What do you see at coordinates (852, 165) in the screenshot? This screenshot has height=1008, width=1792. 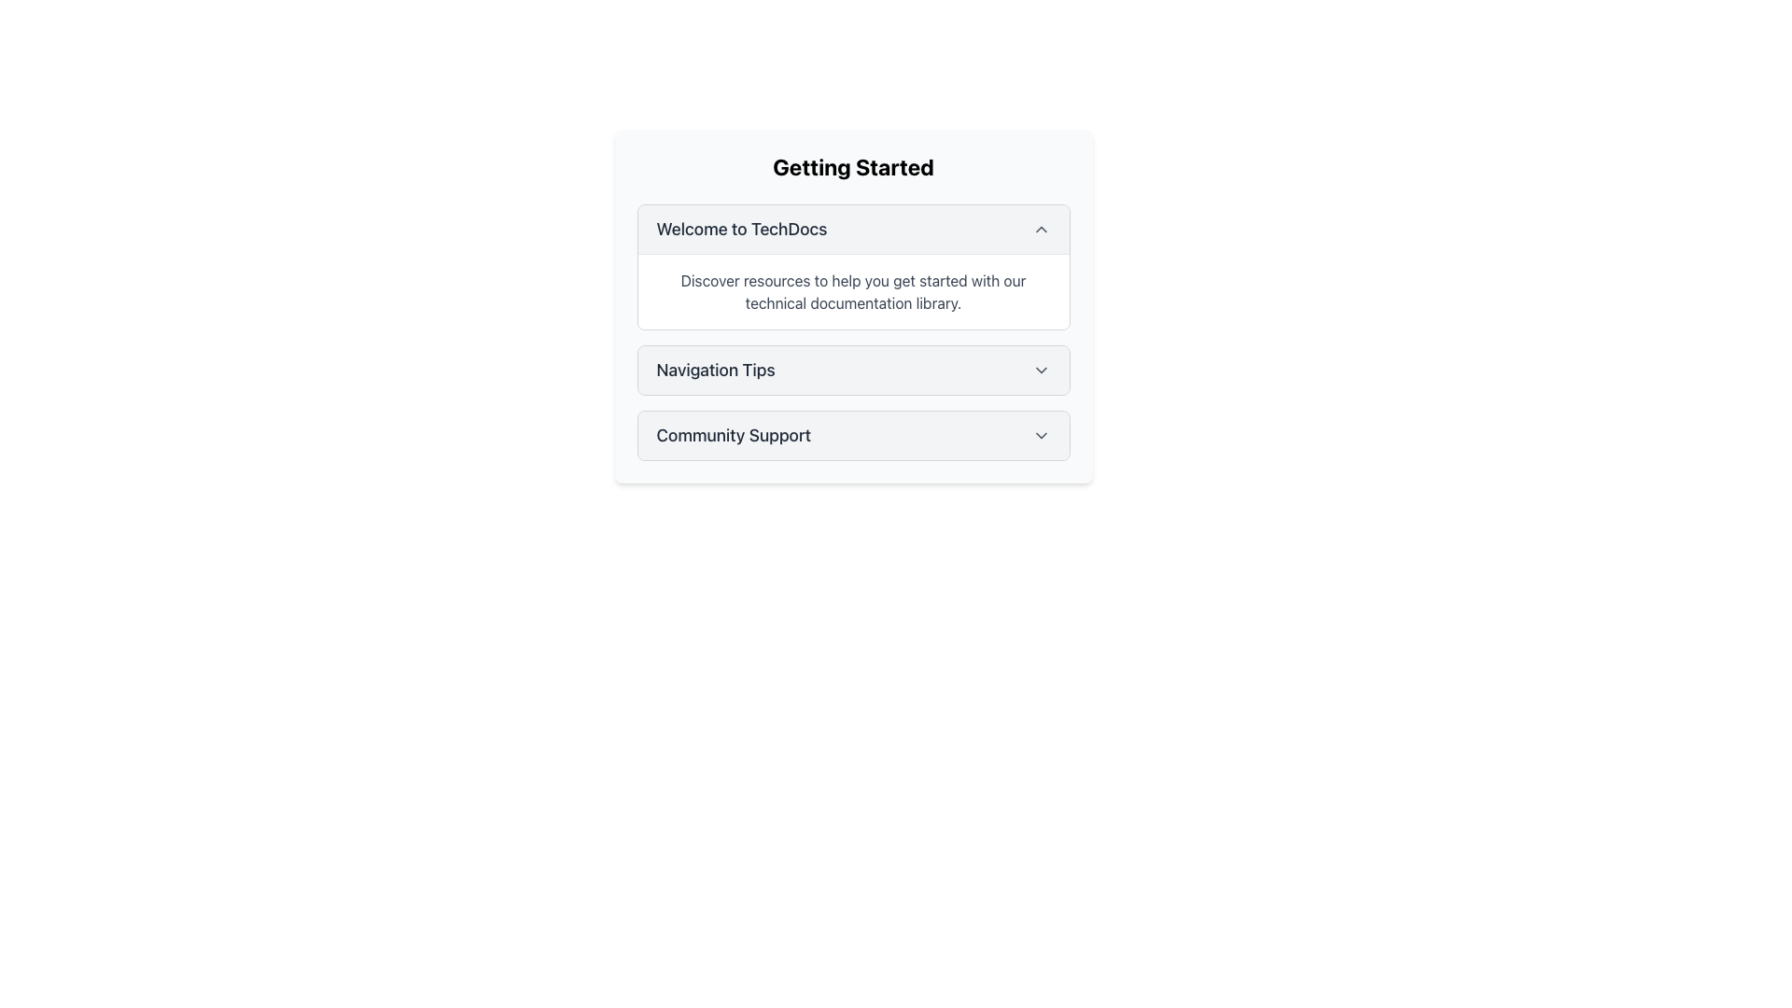 I see `the prominent text heading 'Getting Started' located at the top section of the panel` at bounding box center [852, 165].